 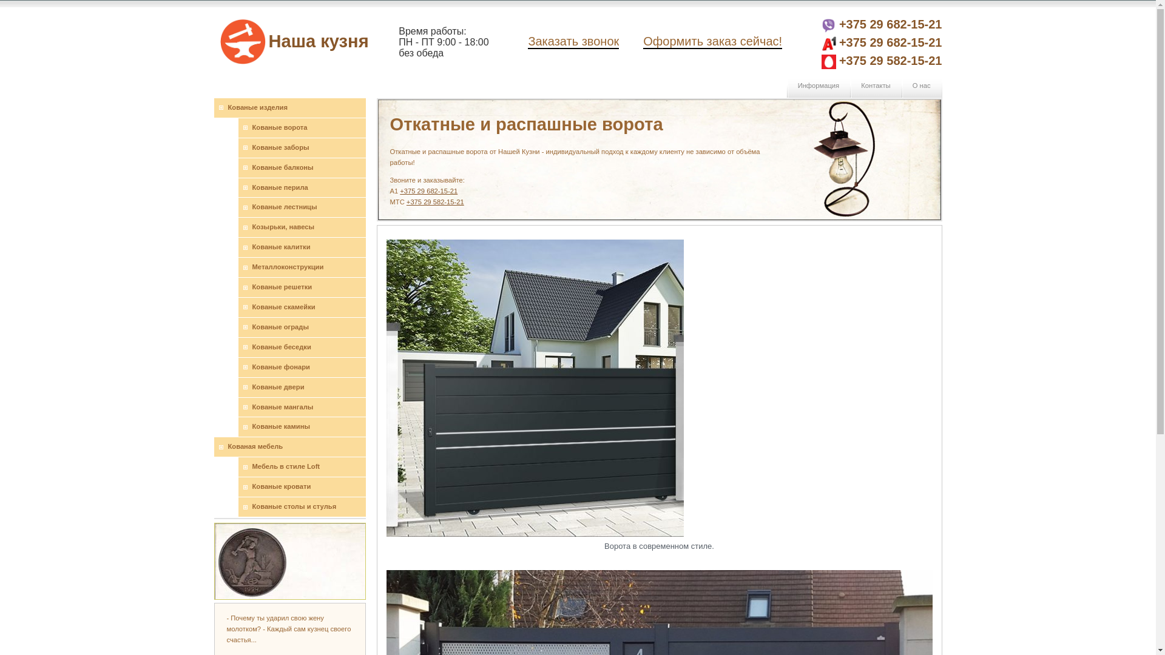 I want to click on '+375 29 682-15-21', so click(x=428, y=191).